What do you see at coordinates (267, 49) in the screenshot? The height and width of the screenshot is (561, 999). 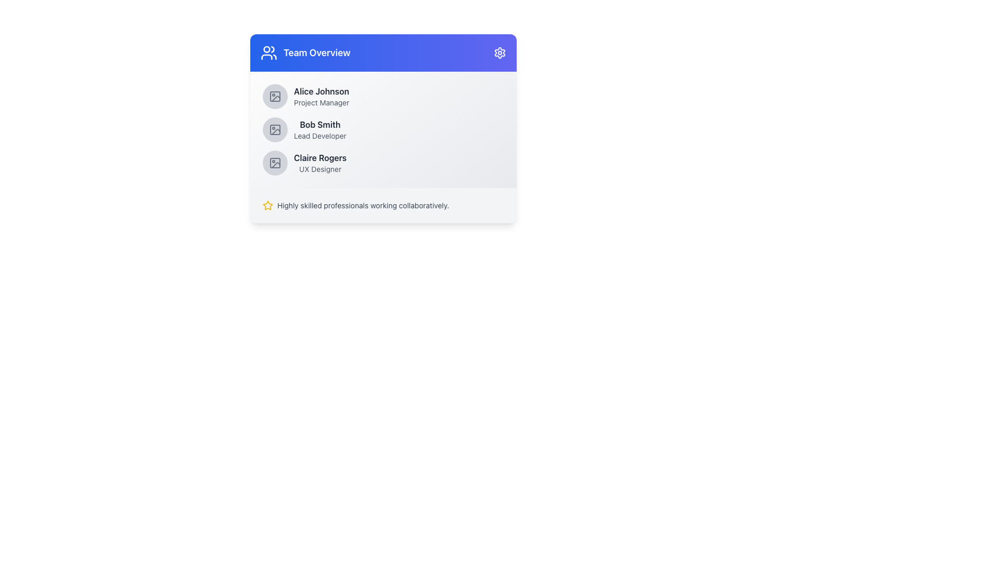 I see `the decorative circular shape within the graphical icon in the top left of the blue-colored header labeled 'Team Overview'` at bounding box center [267, 49].